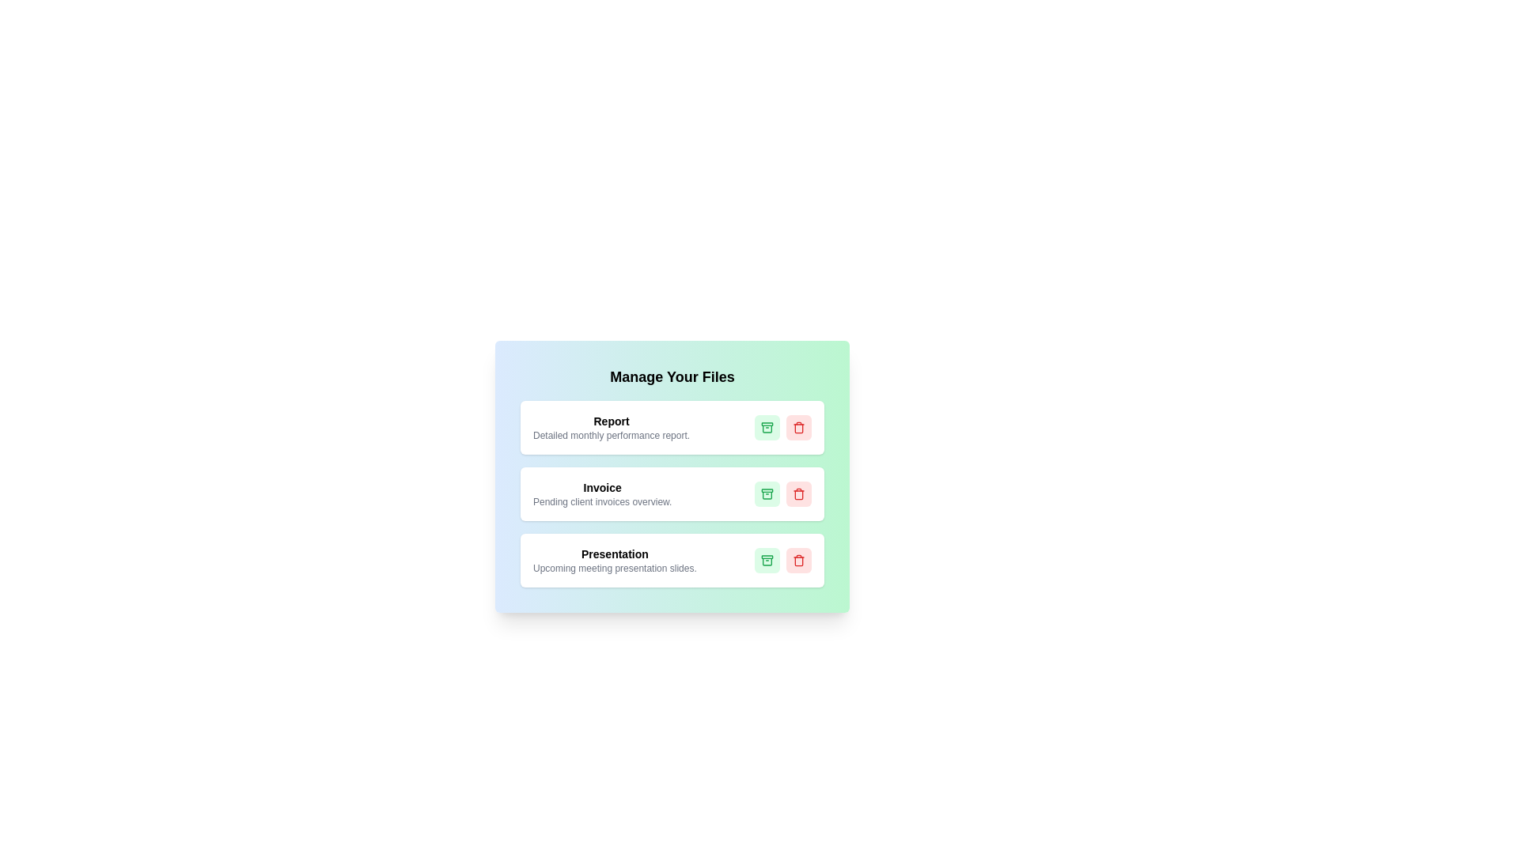 The image size is (1519, 854). What do you see at coordinates (672, 493) in the screenshot?
I see `the card titled Invoice to view its details` at bounding box center [672, 493].